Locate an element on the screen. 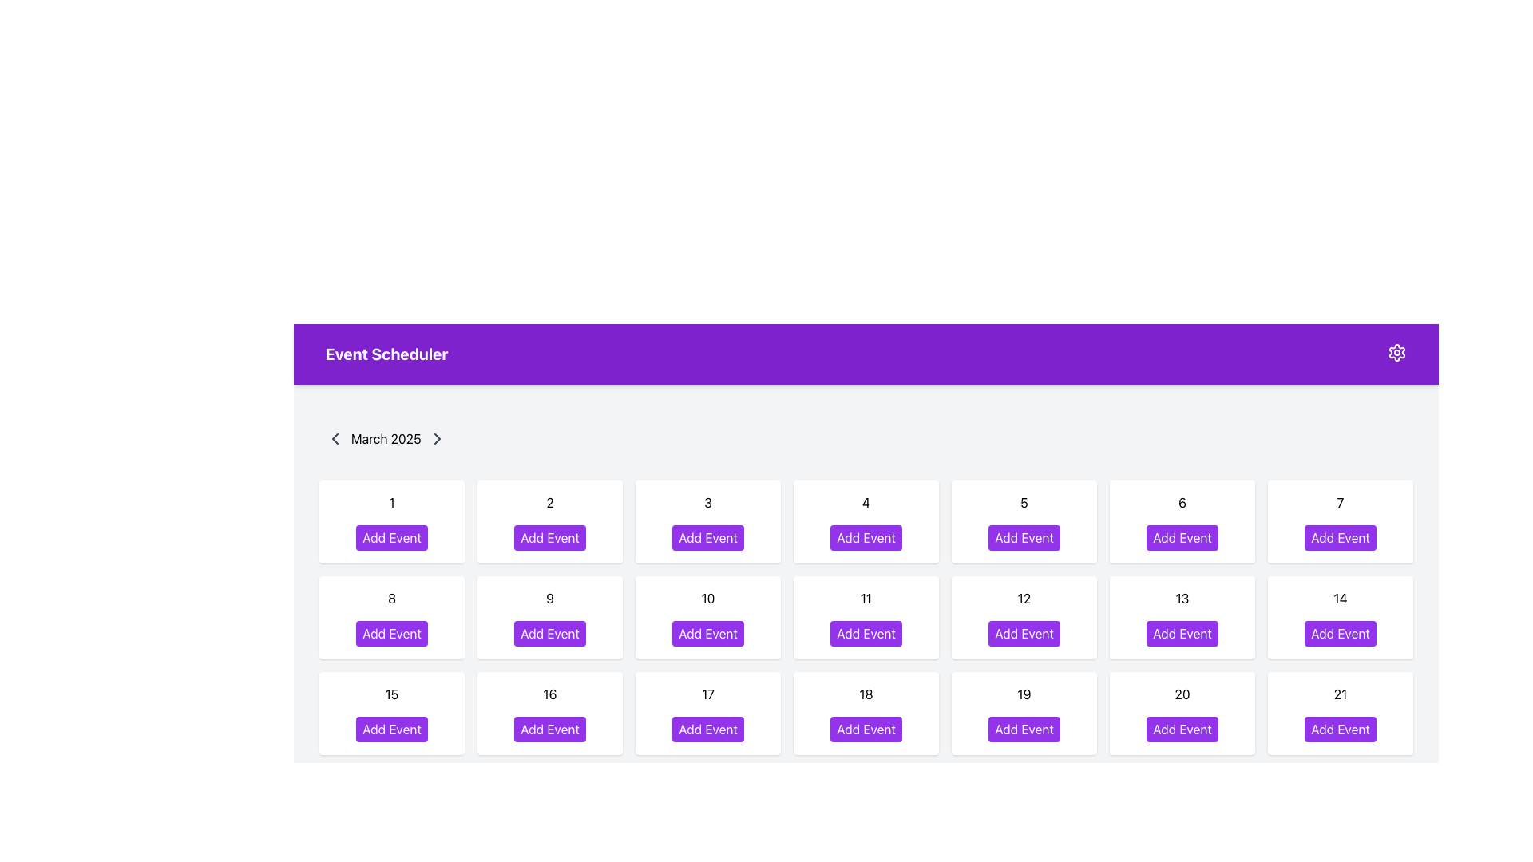 This screenshot has height=862, width=1533. the button in the fourth row, second column of the grid layout, which is inside the white box labeled '14', to initiate event addition is located at coordinates (1341, 633).